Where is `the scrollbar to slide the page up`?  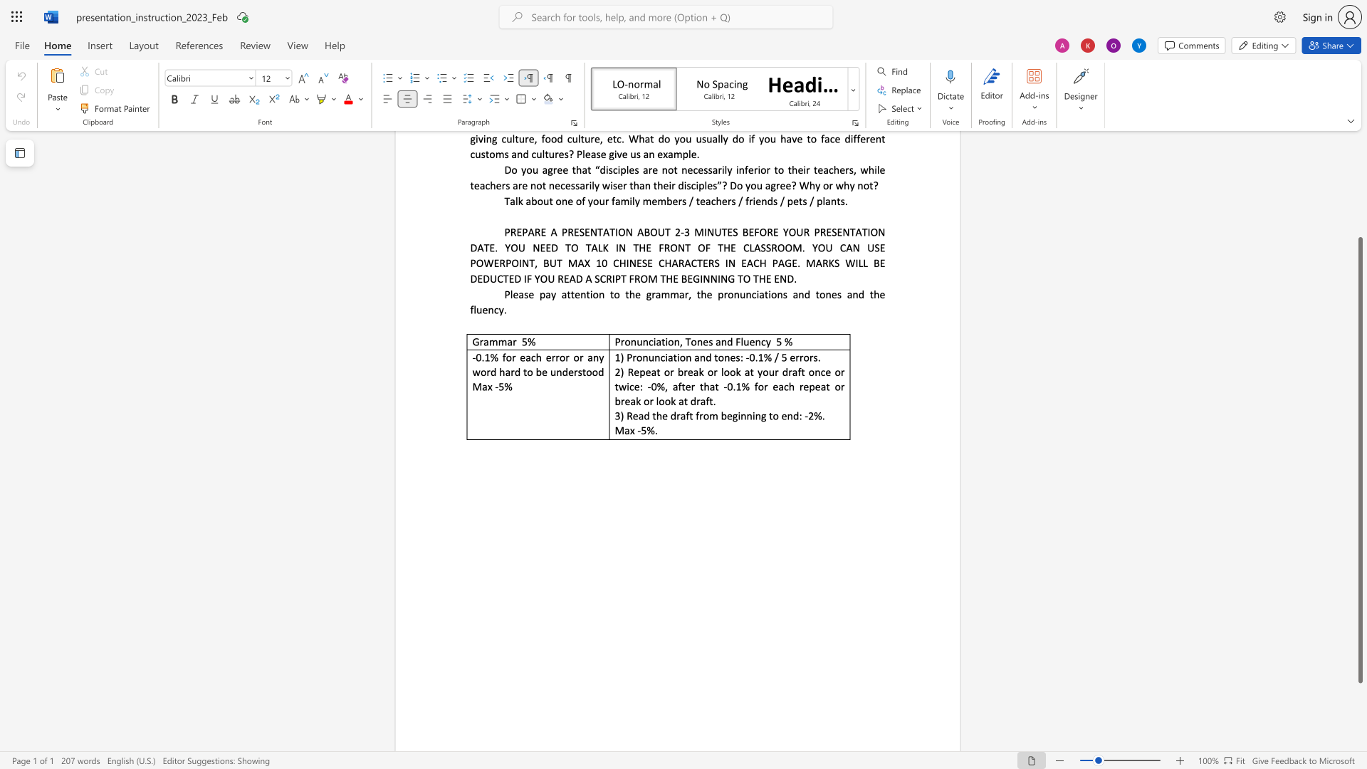
the scrollbar to slide the page up is located at coordinates (1359, 192).